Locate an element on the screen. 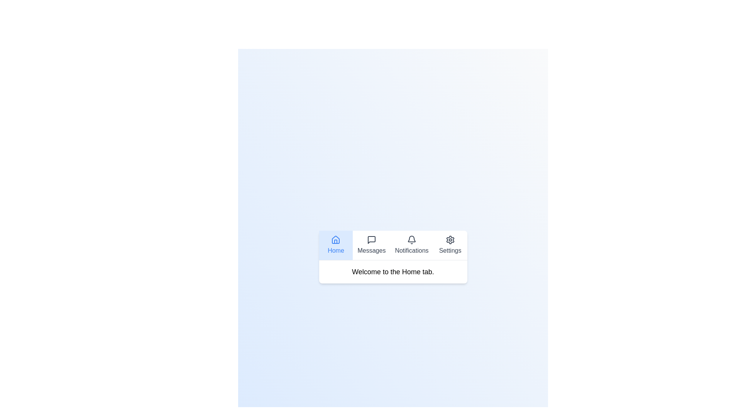  the 'Notifications' button, which features centered text and a bell icon is located at coordinates (411, 245).